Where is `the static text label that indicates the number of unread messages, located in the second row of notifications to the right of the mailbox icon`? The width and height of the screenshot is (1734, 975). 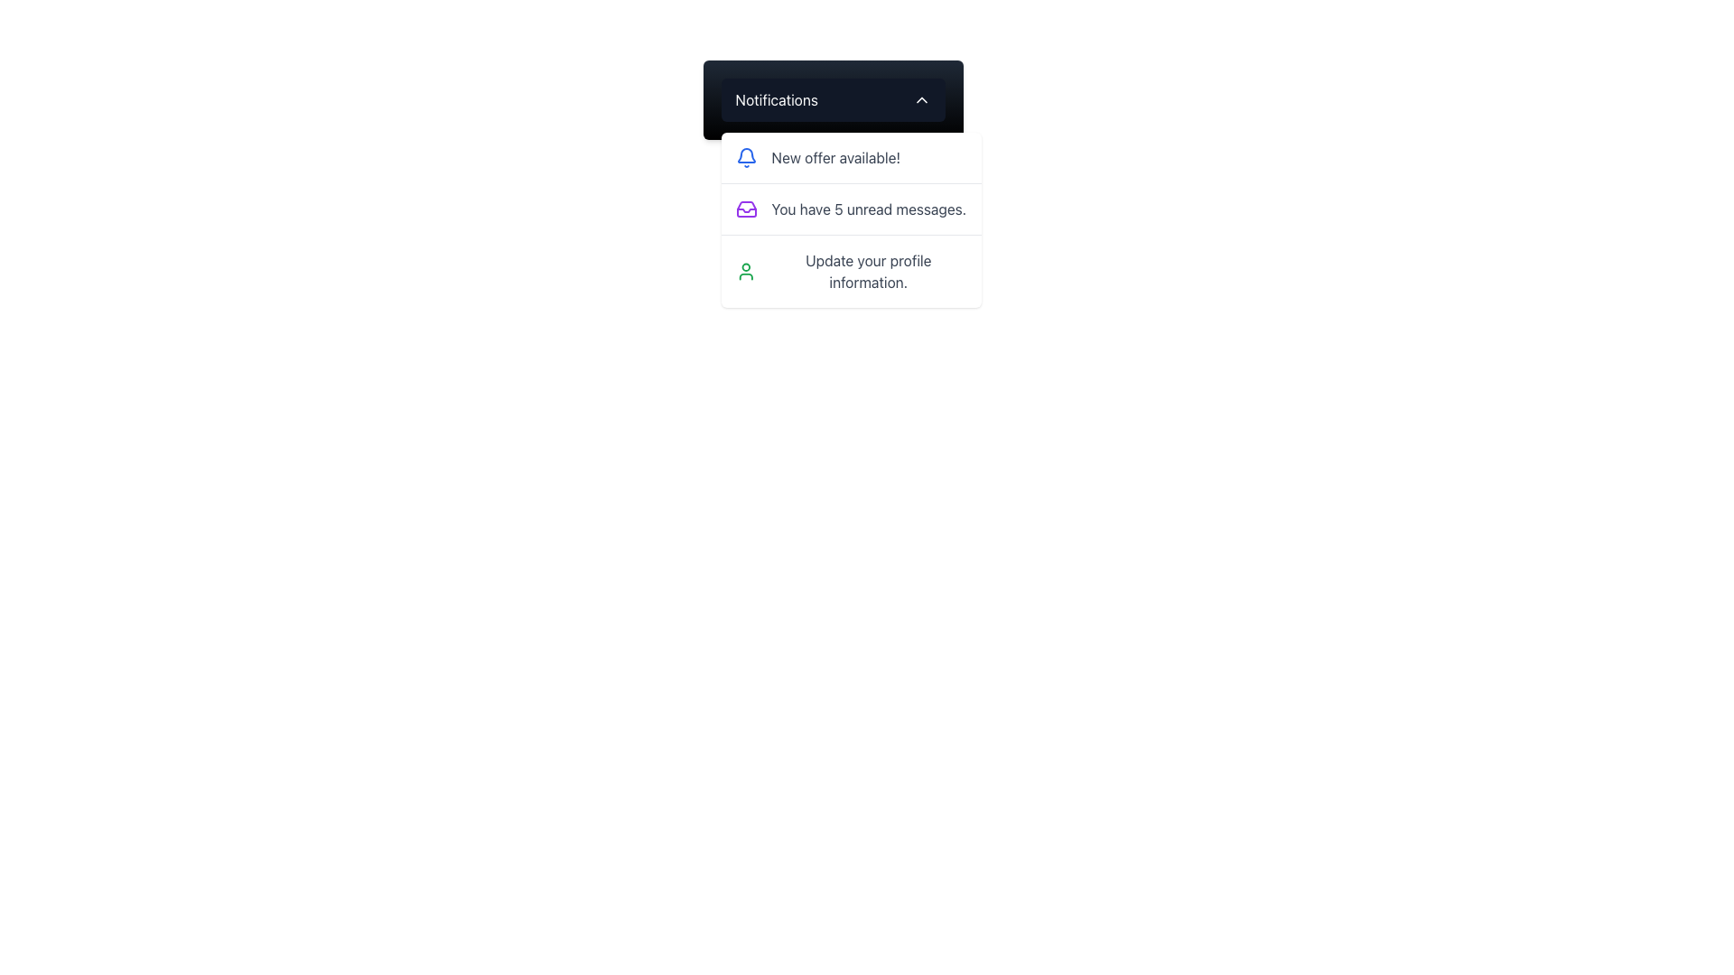
the static text label that indicates the number of unread messages, located in the second row of notifications to the right of the mailbox icon is located at coordinates (869, 208).